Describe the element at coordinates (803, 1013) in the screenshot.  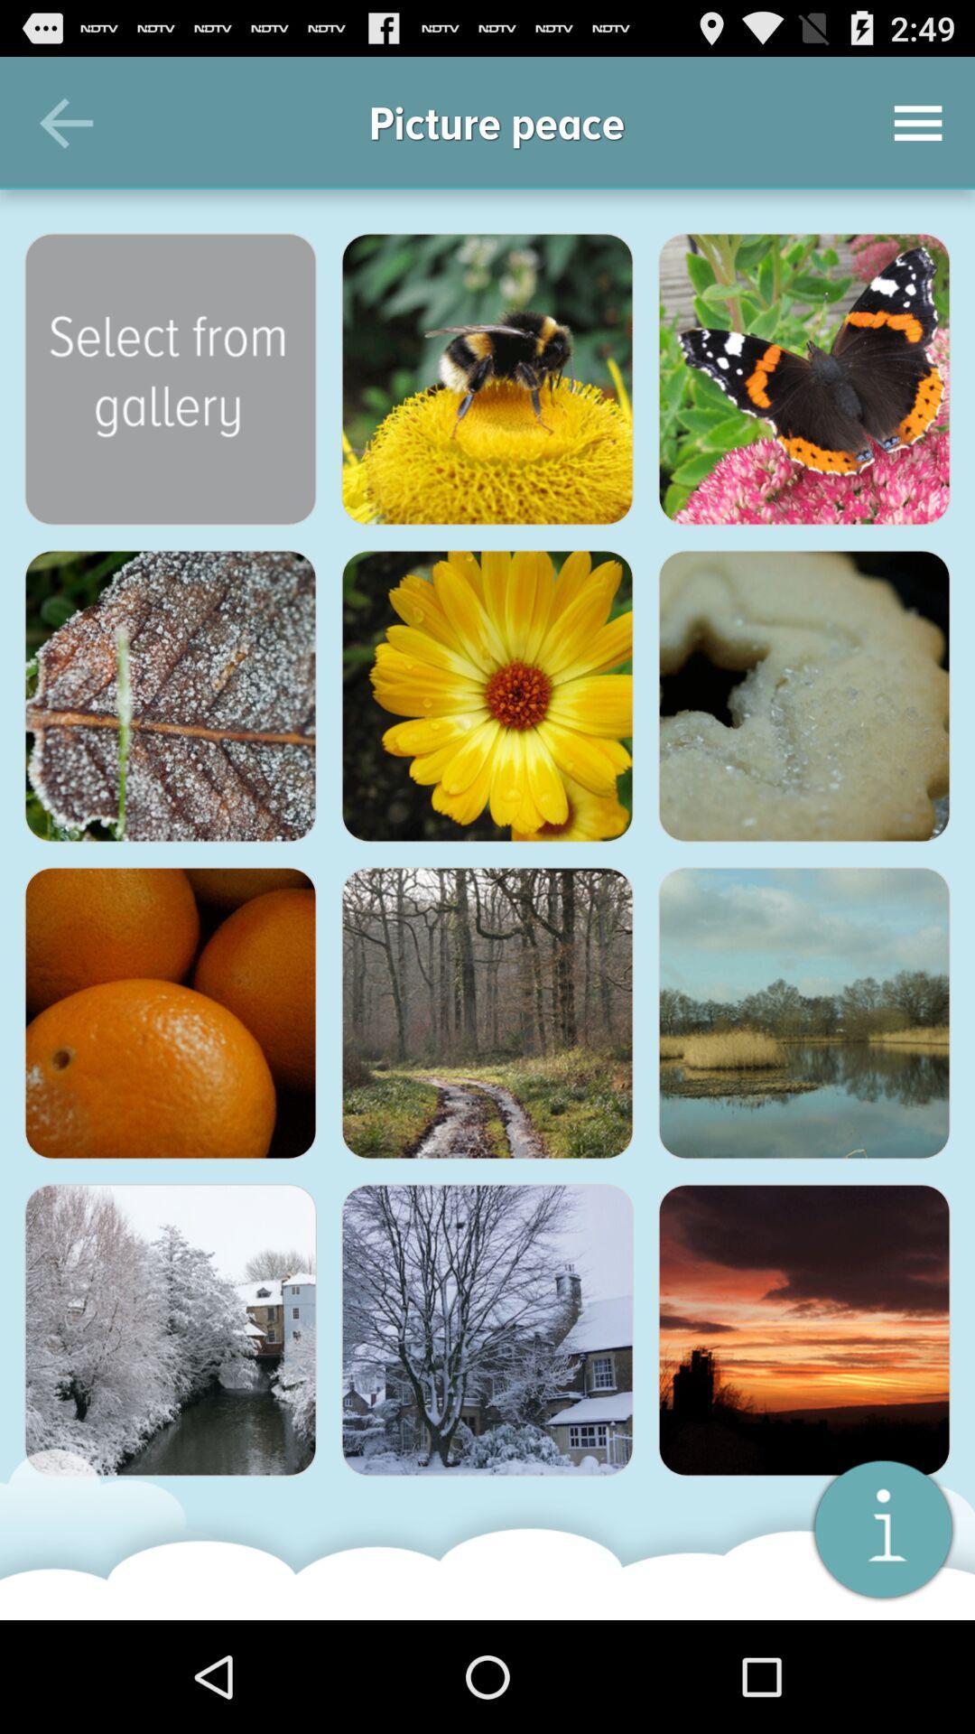
I see `choose picture` at that location.